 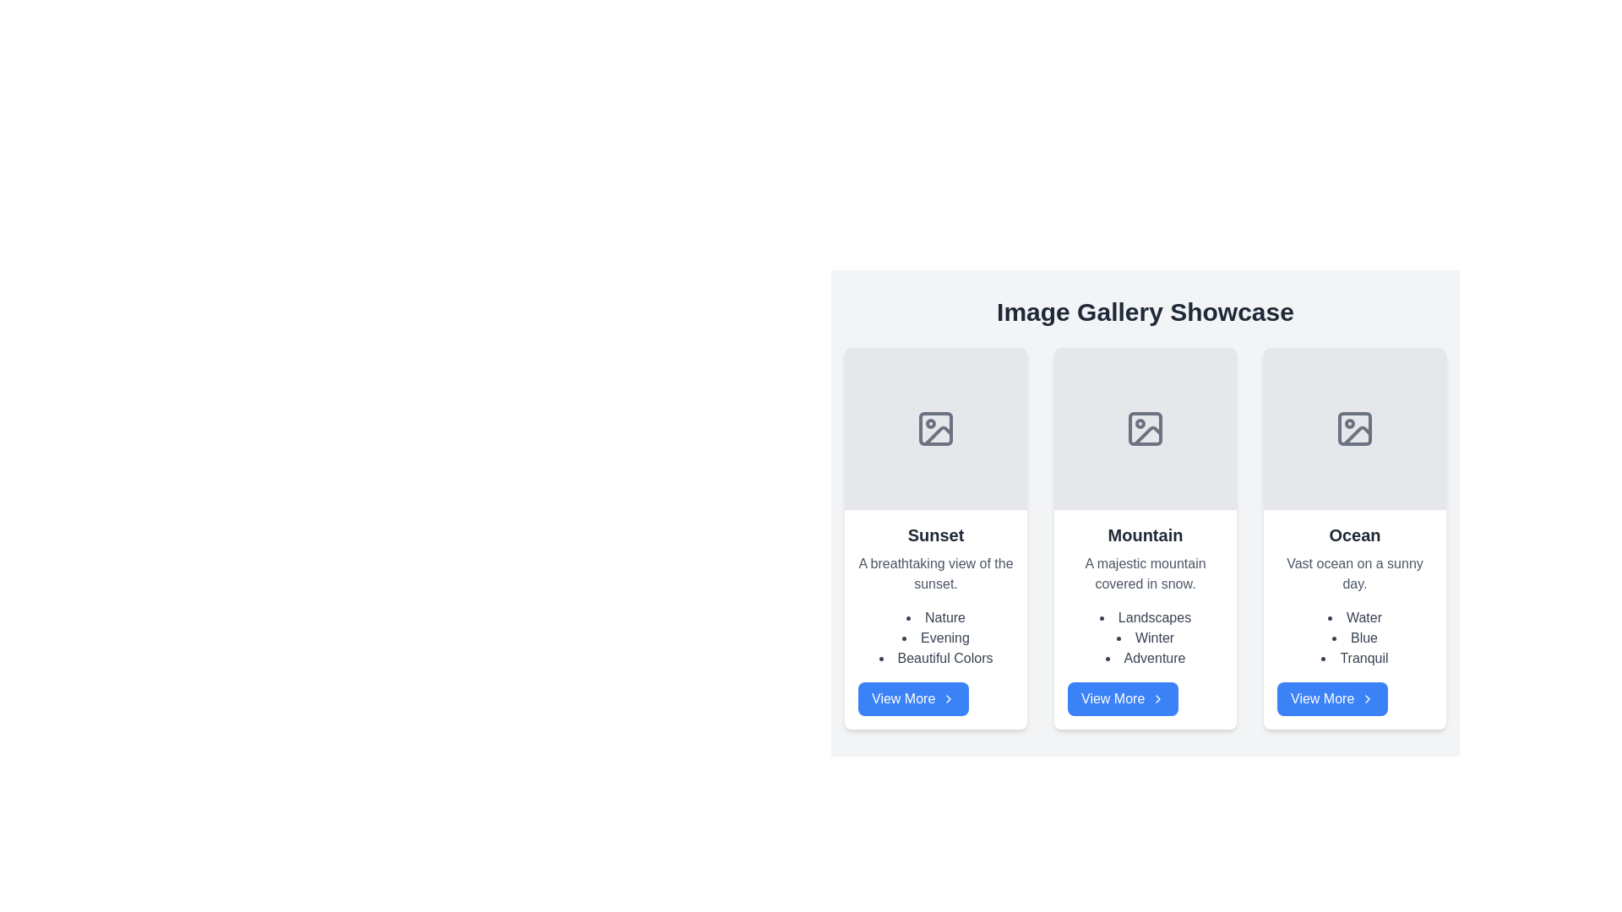 What do you see at coordinates (935, 535) in the screenshot?
I see `bold textual label 'Sunset' positioned at the top of a section that provides descriptive content about sunsets` at bounding box center [935, 535].